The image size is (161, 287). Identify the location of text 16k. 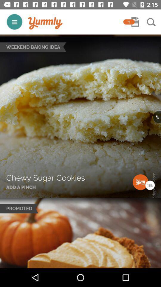
(150, 185).